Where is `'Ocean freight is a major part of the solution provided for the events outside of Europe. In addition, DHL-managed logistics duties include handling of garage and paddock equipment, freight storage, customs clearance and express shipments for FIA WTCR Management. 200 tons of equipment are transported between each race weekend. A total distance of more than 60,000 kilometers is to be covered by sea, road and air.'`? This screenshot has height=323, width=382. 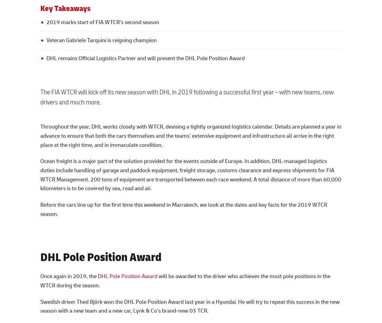
'Ocean freight is a major part of the solution provided for the events outside of Europe. In addition, DHL-managed logistics duties include handling of garage and paddock equipment, freight storage, customs clearance and express shipments for FIA WTCR Management. 200 tons of equipment are transported between each race weekend. A total distance of more than 60,000 kilometers is to be covered by sea, road and air.' is located at coordinates (40, 174).